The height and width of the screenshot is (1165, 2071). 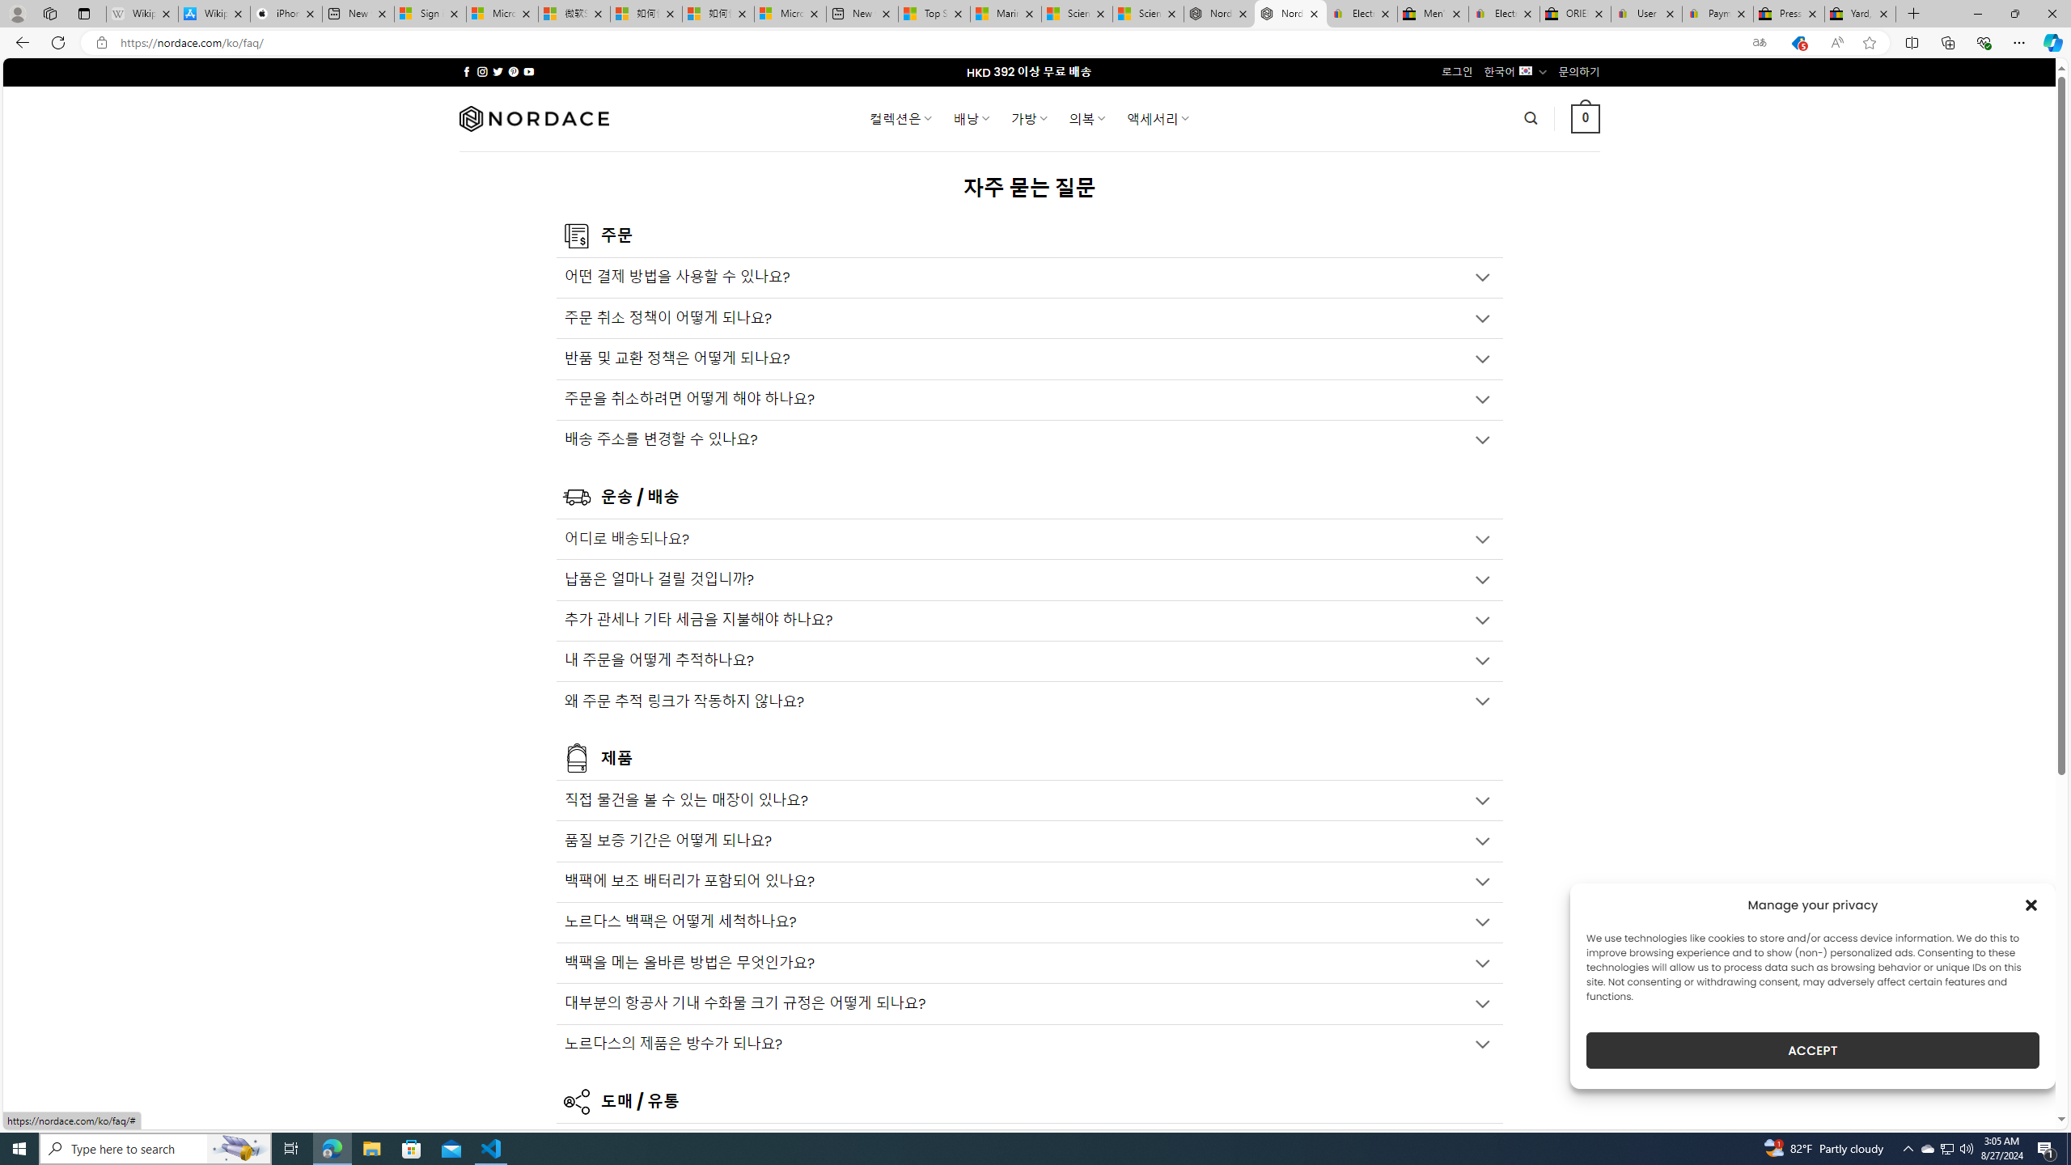 What do you see at coordinates (1787, 13) in the screenshot?
I see `'Press Room - eBay Inc.'` at bounding box center [1787, 13].